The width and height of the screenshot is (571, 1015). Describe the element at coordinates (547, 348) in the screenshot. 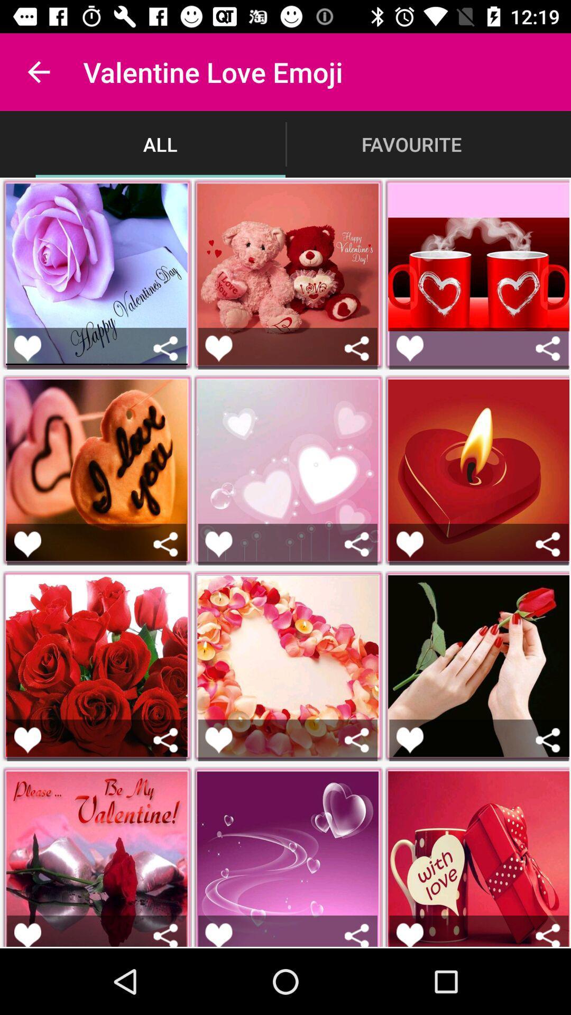

I see `sharing options` at that location.